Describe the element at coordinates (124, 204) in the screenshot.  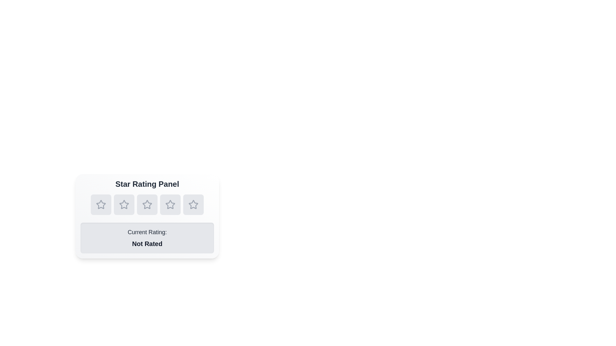
I see `the second star icon in the Star Rating Panel` at that location.